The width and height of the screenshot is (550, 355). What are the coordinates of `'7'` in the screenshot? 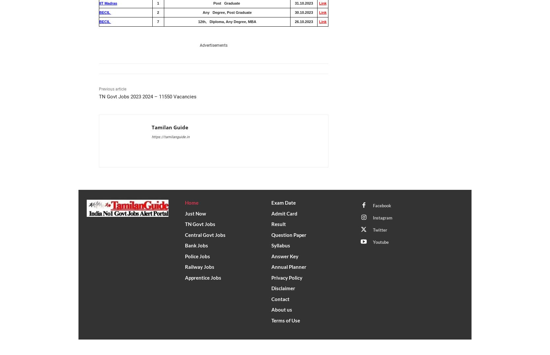 It's located at (158, 21).